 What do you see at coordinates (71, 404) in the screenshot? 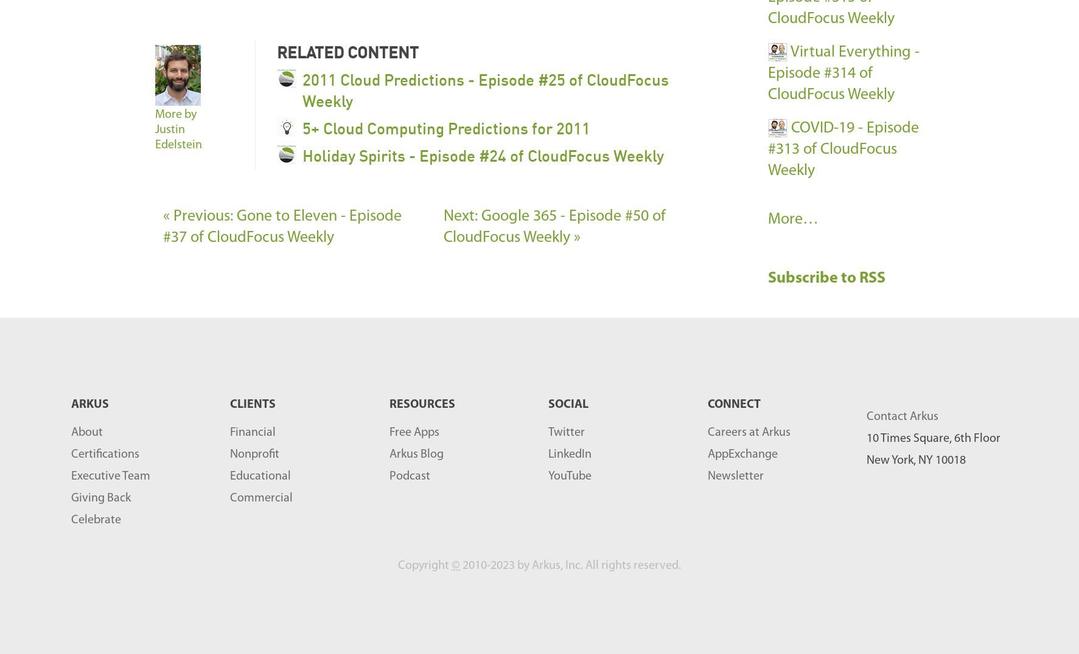
I see `'ARKUS'` at bounding box center [71, 404].